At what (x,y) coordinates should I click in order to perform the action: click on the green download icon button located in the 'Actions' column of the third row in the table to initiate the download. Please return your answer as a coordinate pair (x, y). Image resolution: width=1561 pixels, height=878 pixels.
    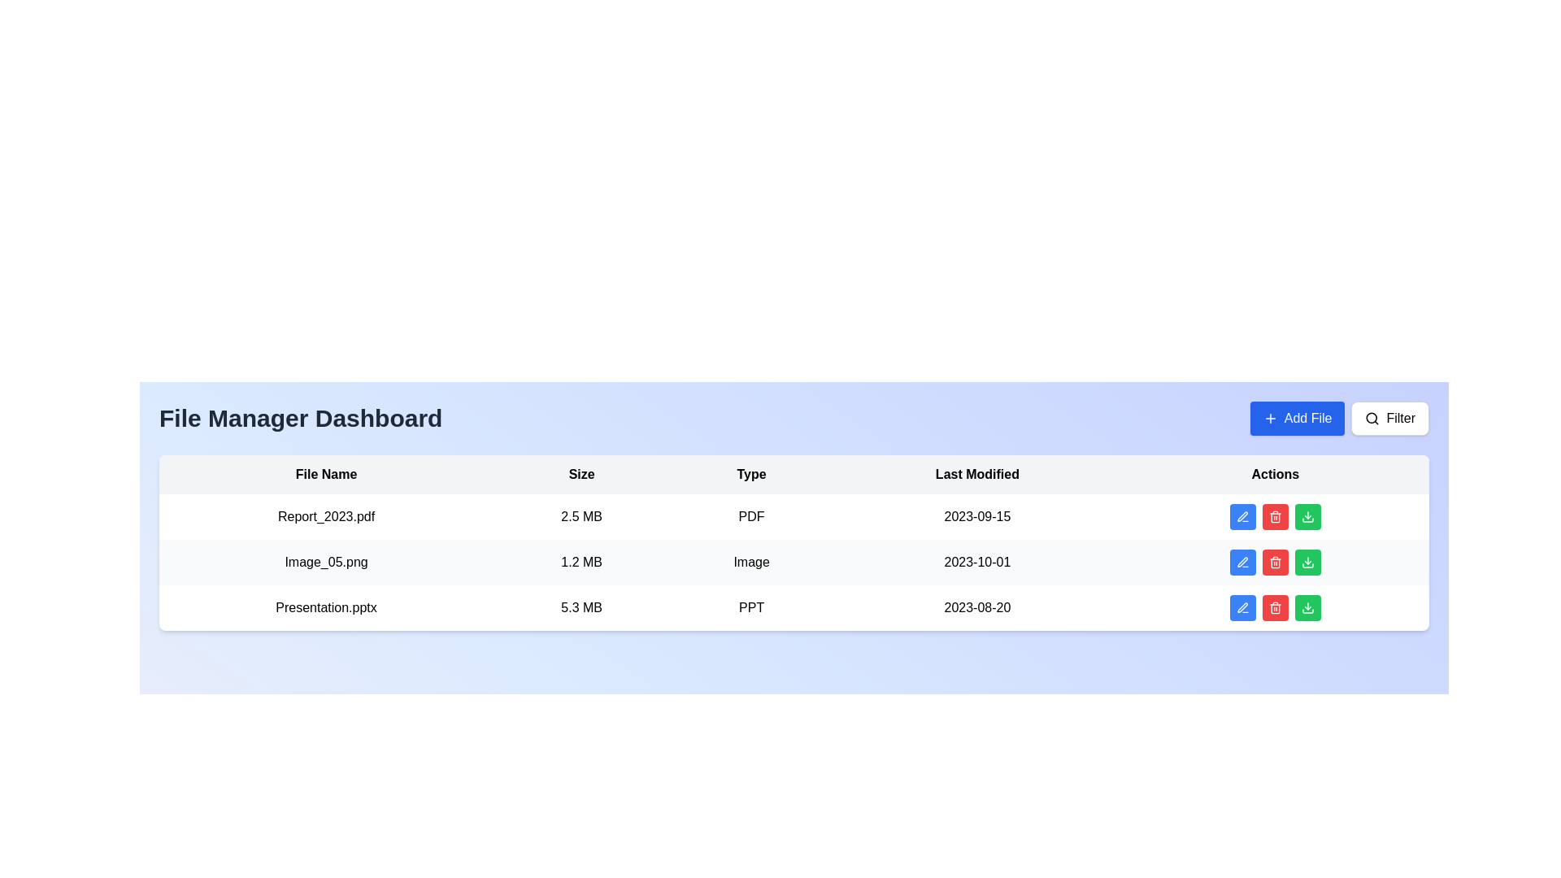
    Looking at the image, I should click on (1307, 608).